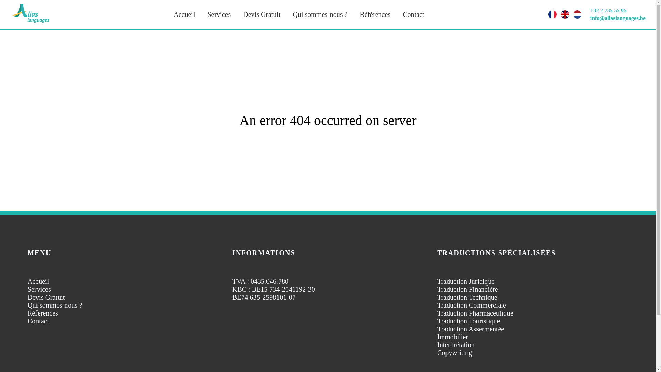  I want to click on 'Logo Alias LanguagesAgence de traduction', so click(31, 22).